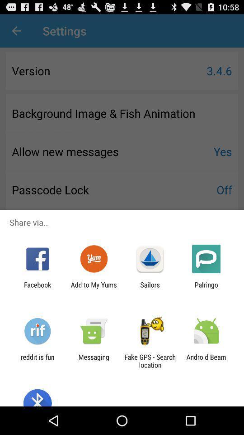 The image size is (244, 435). Describe the element at coordinates (150, 361) in the screenshot. I see `the fake gps search app` at that location.